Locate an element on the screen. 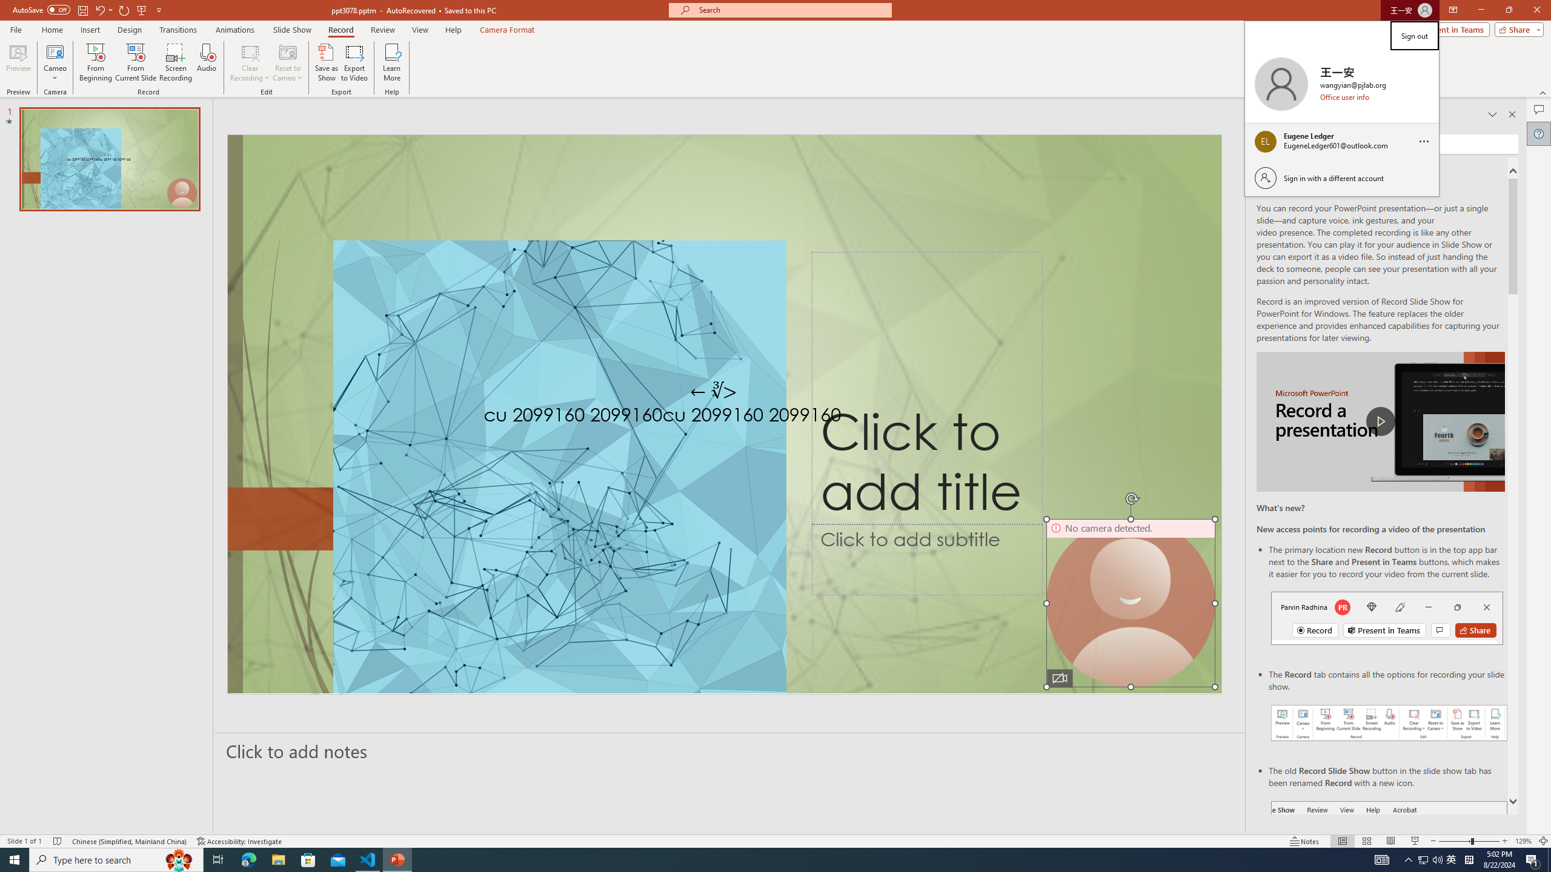  'Record your presentations screenshot one' is located at coordinates (1389, 722).